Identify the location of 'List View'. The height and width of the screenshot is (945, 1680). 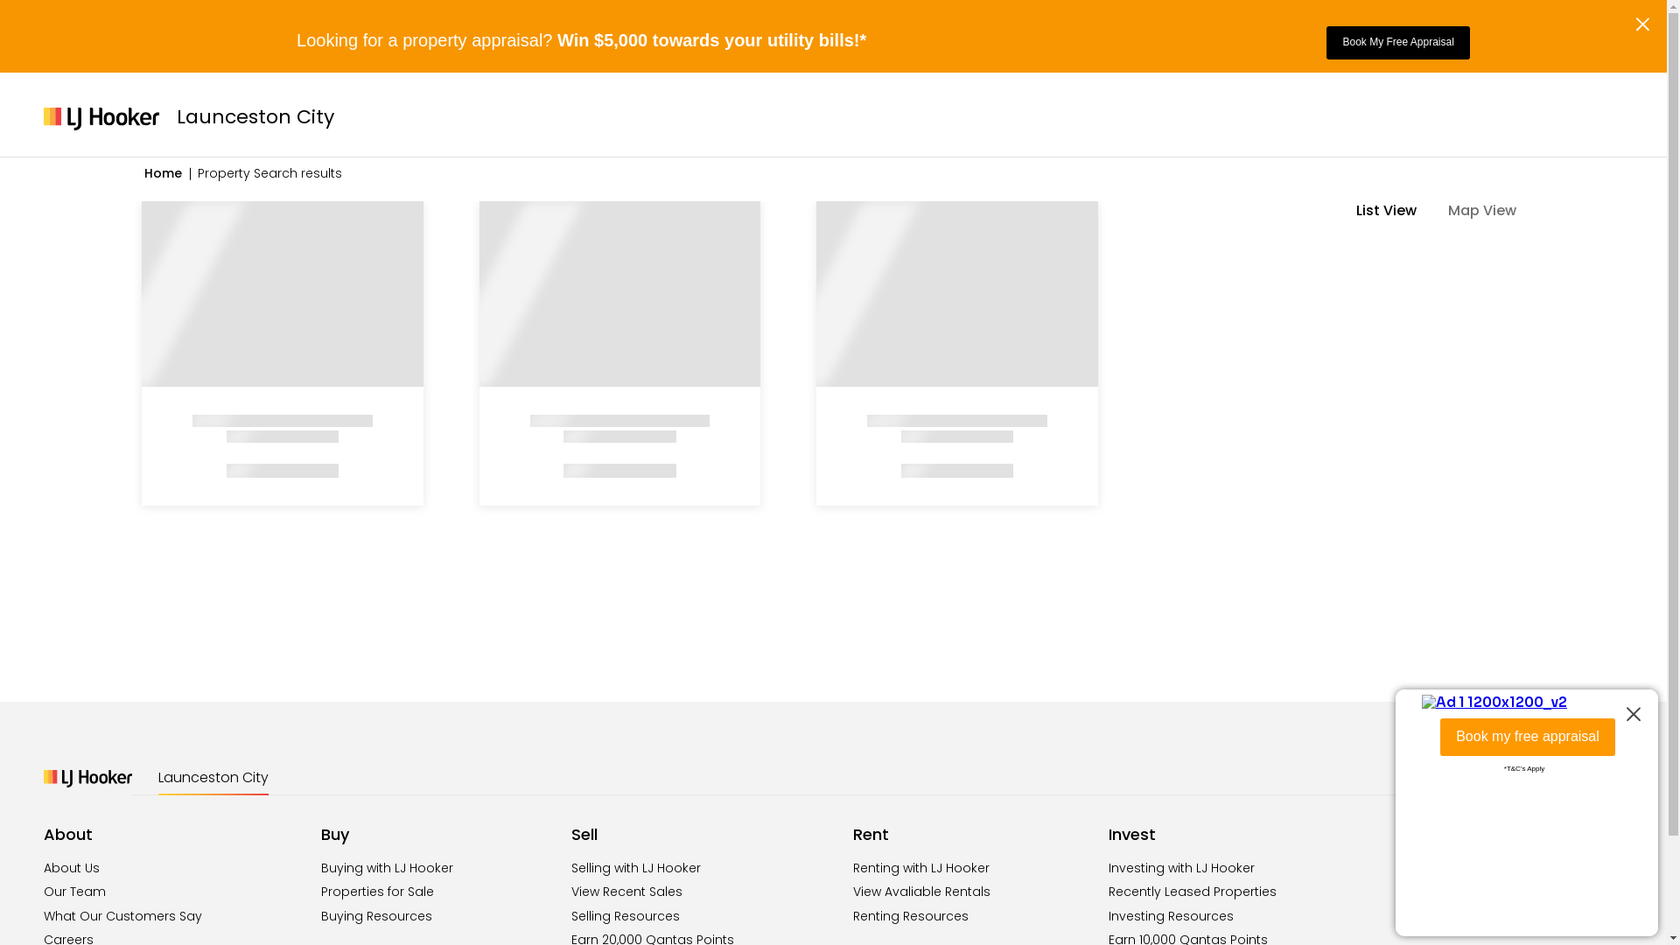
(1394, 209).